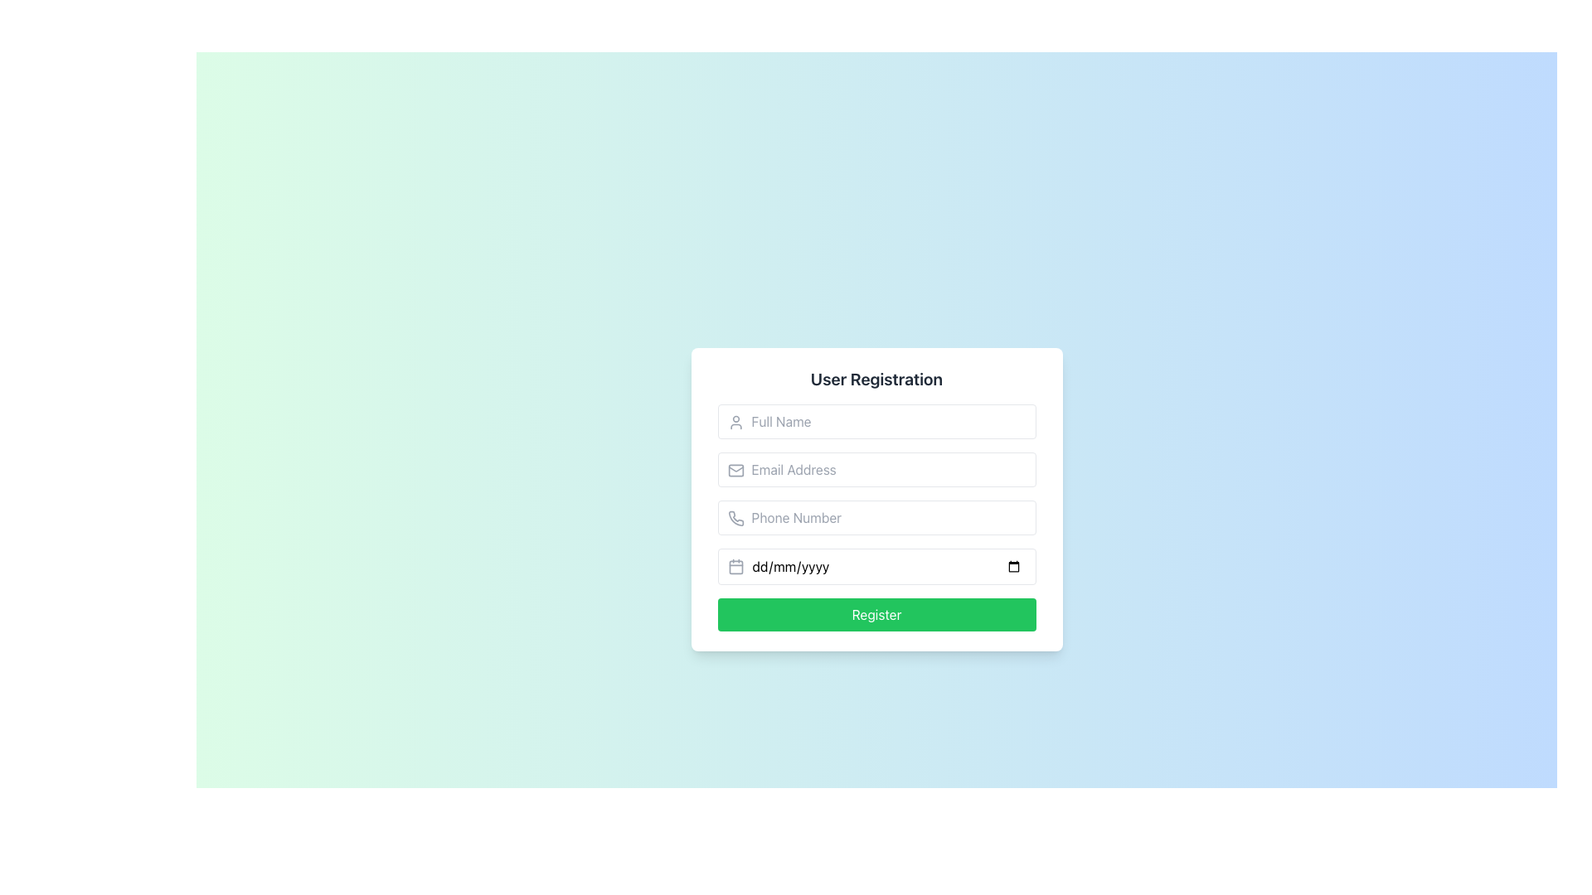 The width and height of the screenshot is (1592, 895). I want to click on the phone icon located to the left of the 'Phone Number' input field in the third input row of the user registration form, so click(735, 517).